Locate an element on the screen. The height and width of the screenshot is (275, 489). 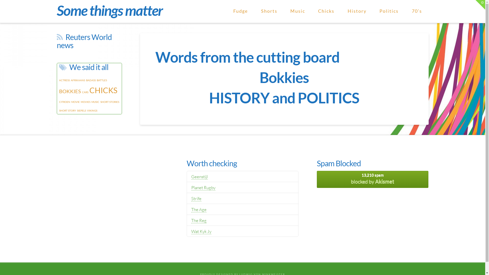
'CARS' is located at coordinates (82, 92).